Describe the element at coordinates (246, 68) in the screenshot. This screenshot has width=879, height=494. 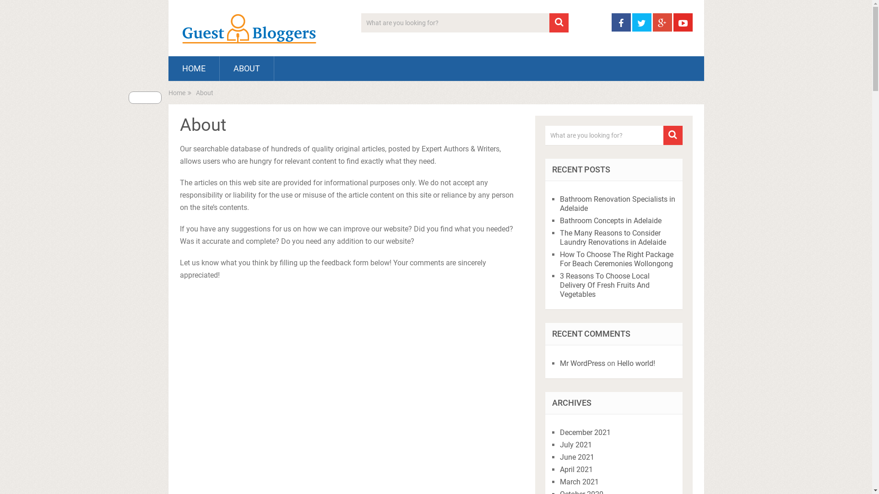
I see `'ABOUT'` at that location.